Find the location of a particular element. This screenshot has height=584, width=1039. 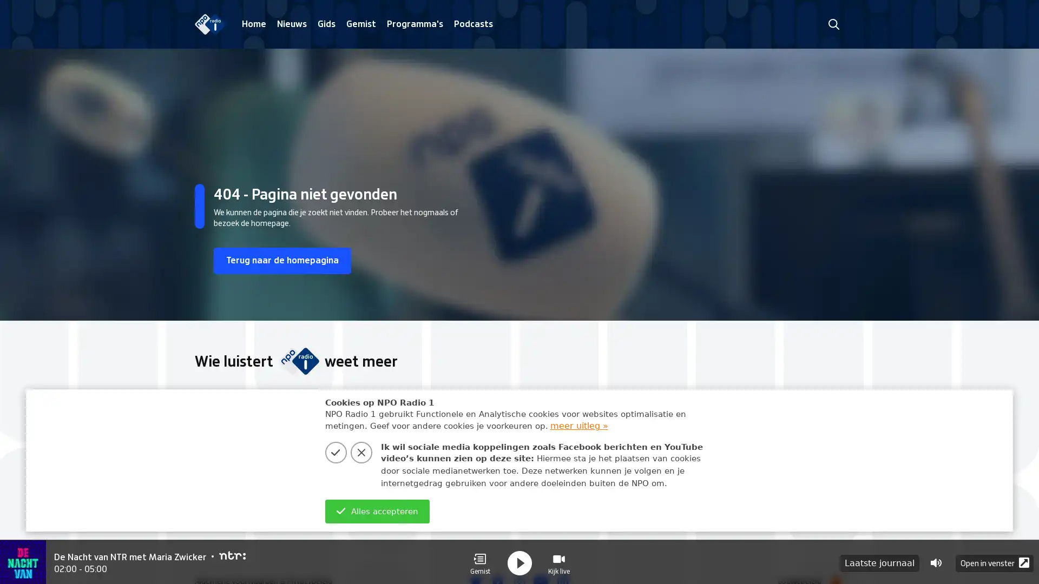

play is located at coordinates (519, 560).